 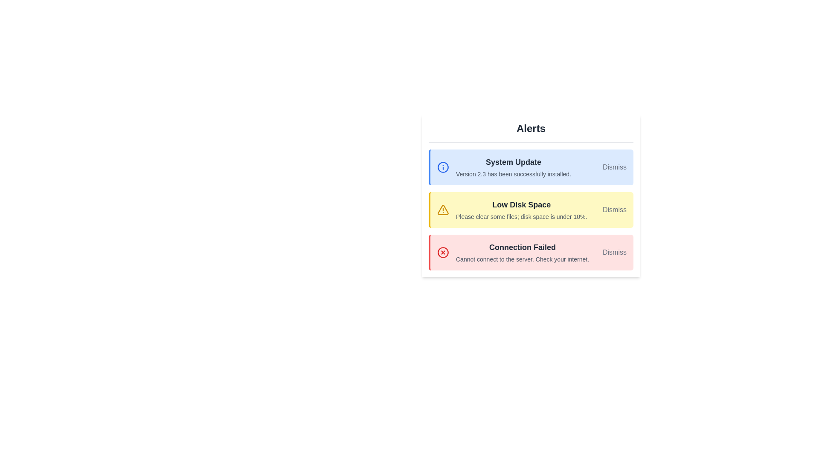 What do you see at coordinates (443, 252) in the screenshot?
I see `the critical error icon indicating a connection failure, located to the left of the 'Connection Failed' alert message box` at bounding box center [443, 252].